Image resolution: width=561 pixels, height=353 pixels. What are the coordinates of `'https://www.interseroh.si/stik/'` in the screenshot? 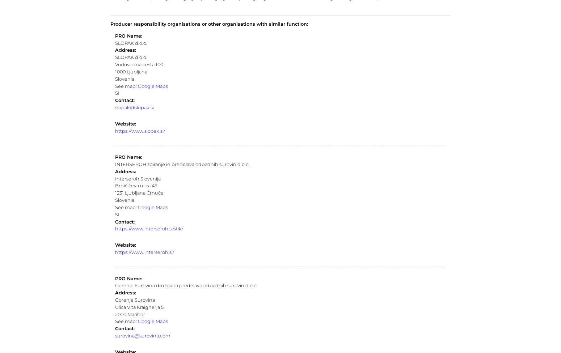 It's located at (149, 228).